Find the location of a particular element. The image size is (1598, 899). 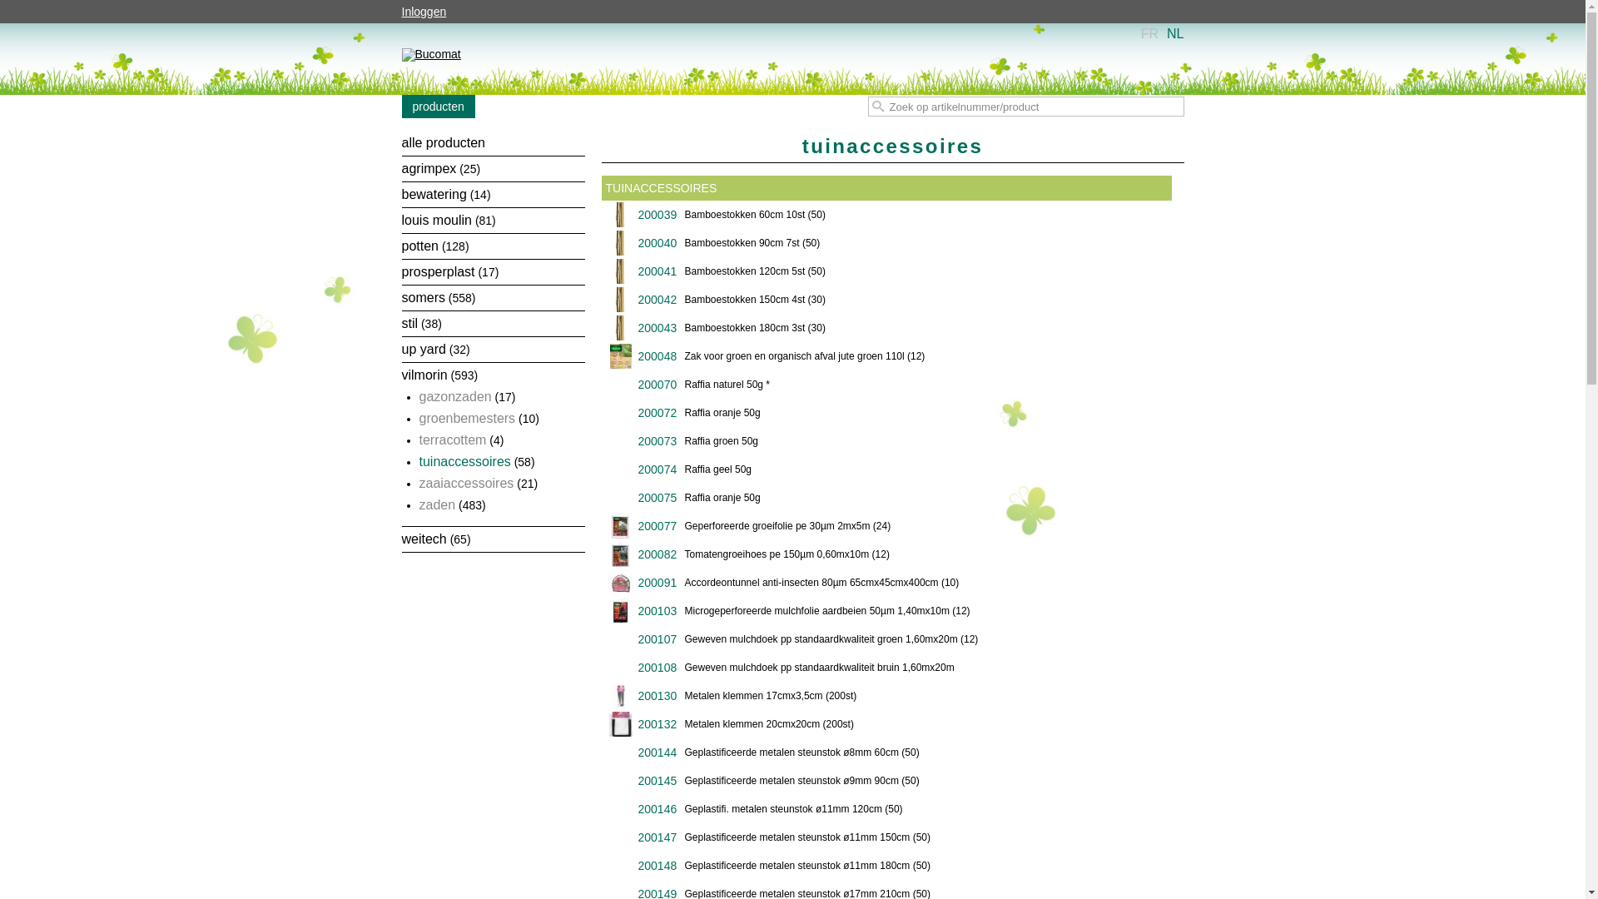

'groenbemesters' is located at coordinates (466, 417).